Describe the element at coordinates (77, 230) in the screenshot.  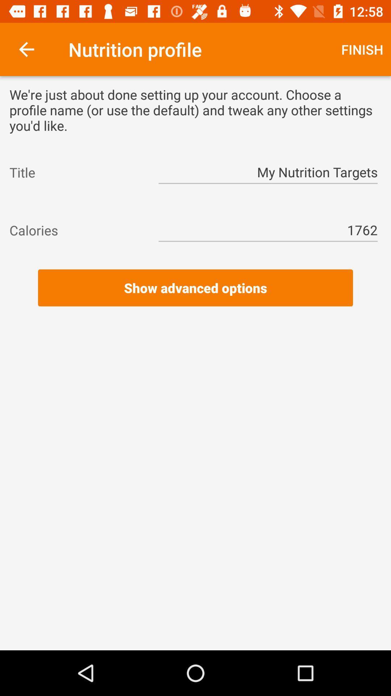
I see `the calories icon` at that location.